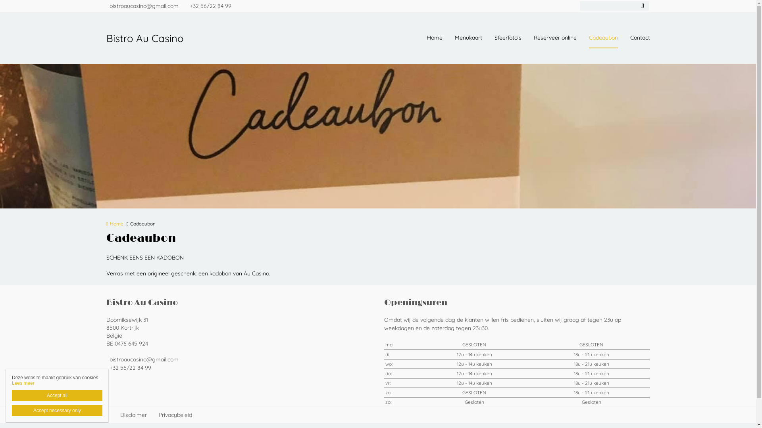 Image resolution: width=762 pixels, height=428 pixels. I want to click on 'Accept necessary only', so click(57, 410).